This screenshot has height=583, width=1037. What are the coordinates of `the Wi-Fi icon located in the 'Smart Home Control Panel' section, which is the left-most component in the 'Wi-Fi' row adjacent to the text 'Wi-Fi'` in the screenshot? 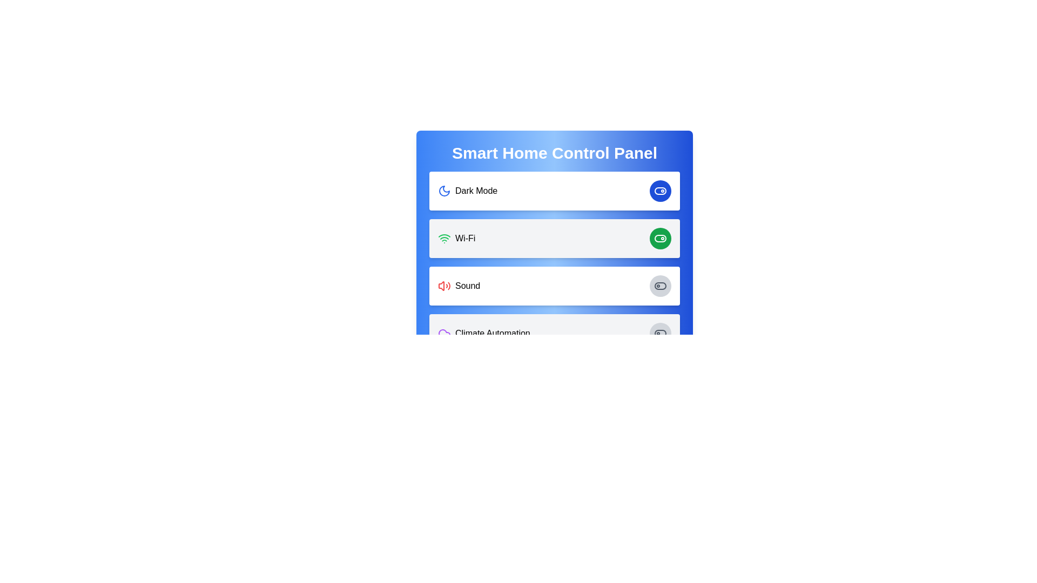 It's located at (444, 238).